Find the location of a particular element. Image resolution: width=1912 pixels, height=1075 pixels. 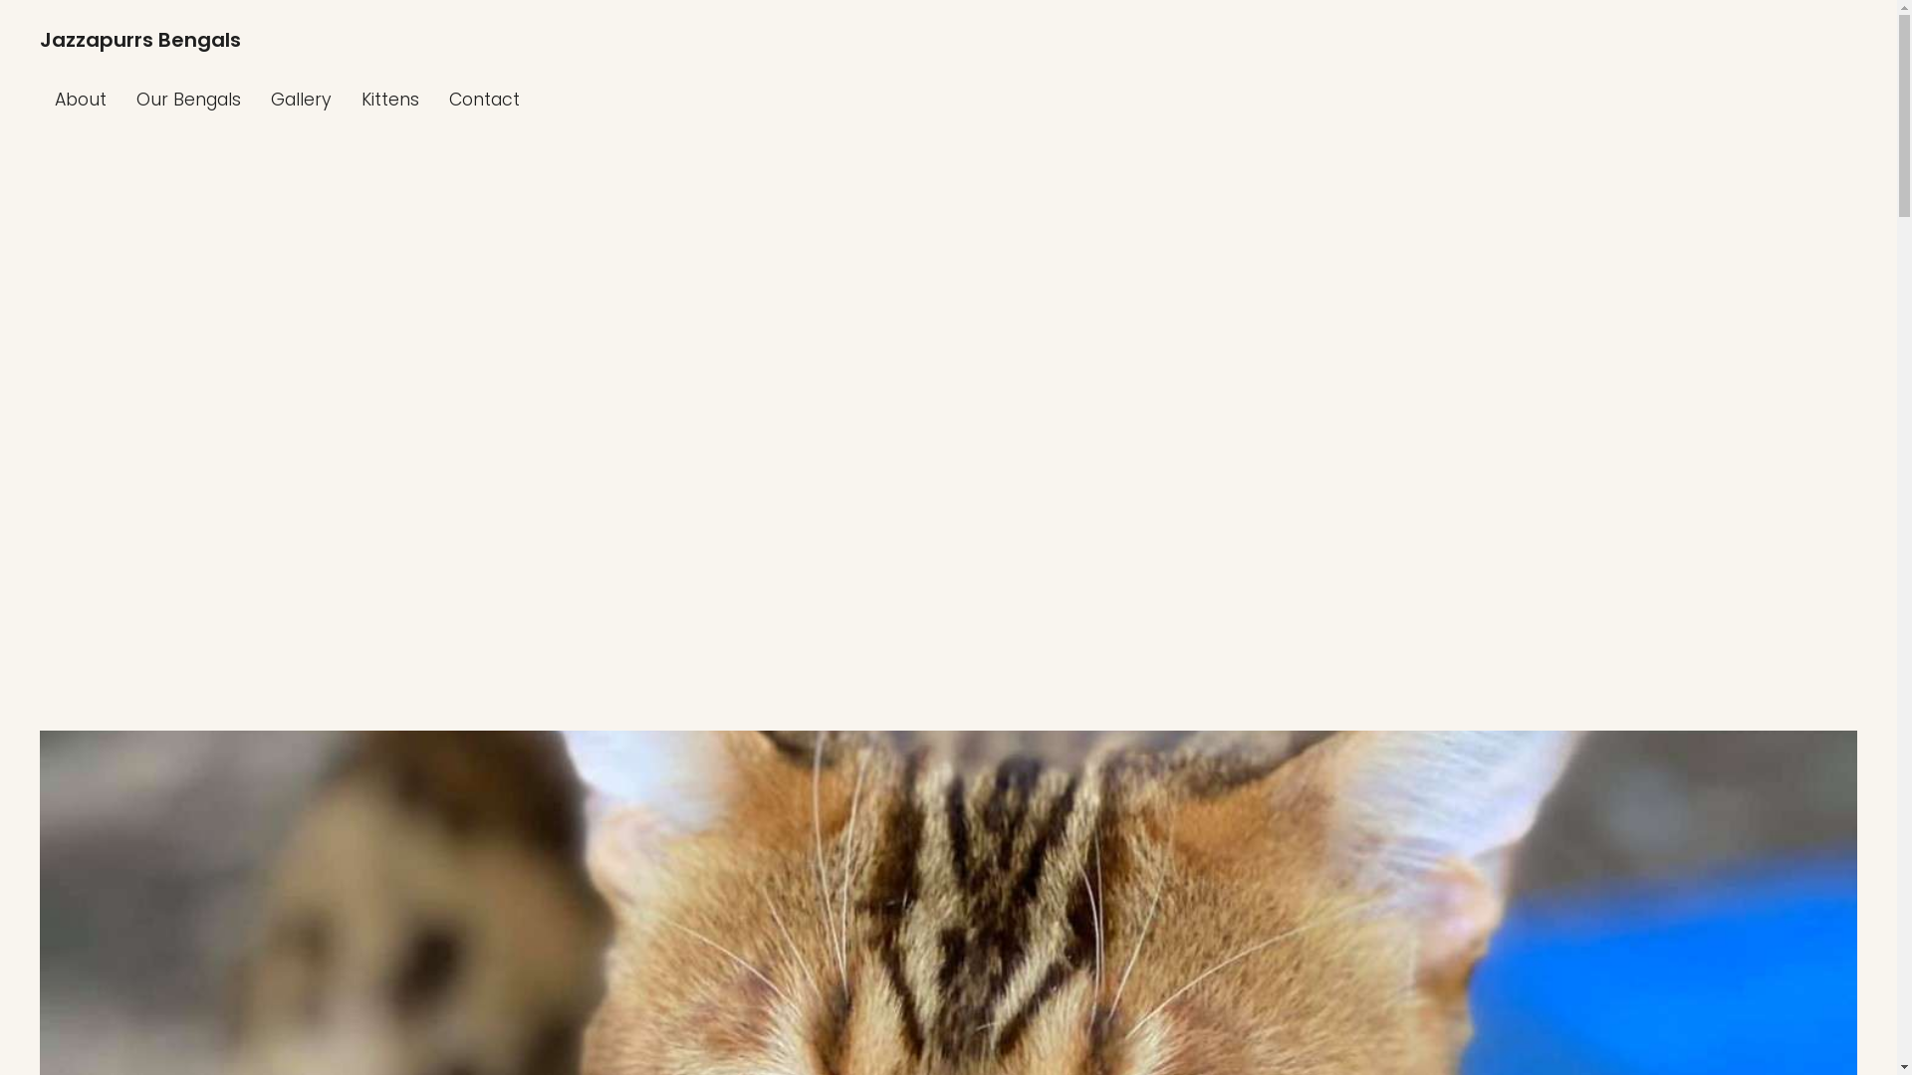

'Our Bengals' is located at coordinates (119, 100).